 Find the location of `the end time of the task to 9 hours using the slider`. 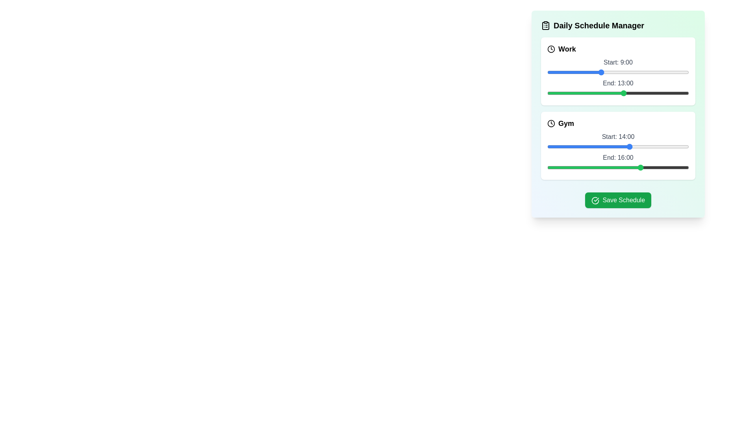

the end time of the task to 9 hours using the slider is located at coordinates (600, 92).